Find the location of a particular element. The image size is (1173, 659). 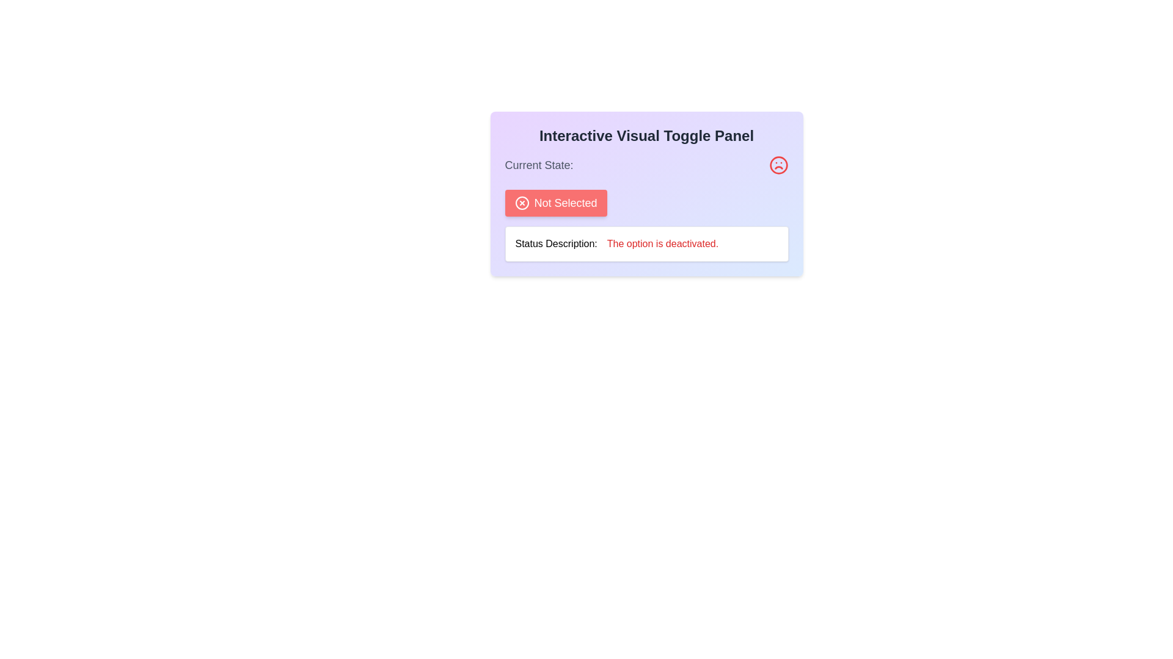

the text label indicating the current status of an option, which is aligned with 'Status Description:' in the 'Interactive Visual Toggle Panel.' is located at coordinates (662, 244).